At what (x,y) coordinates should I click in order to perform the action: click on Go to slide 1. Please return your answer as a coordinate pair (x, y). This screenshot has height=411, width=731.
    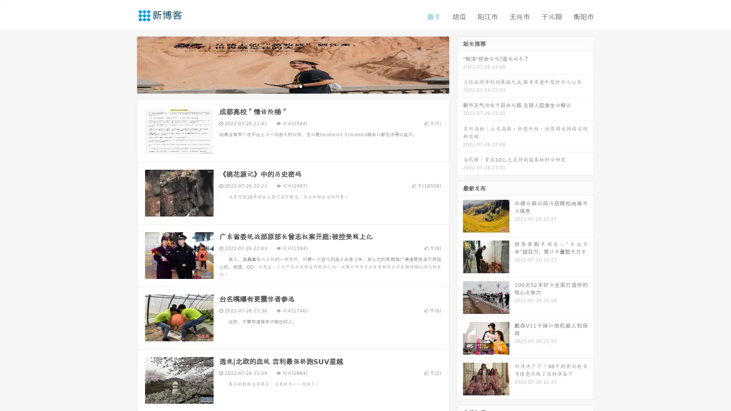
    Looking at the image, I should click on (285, 86).